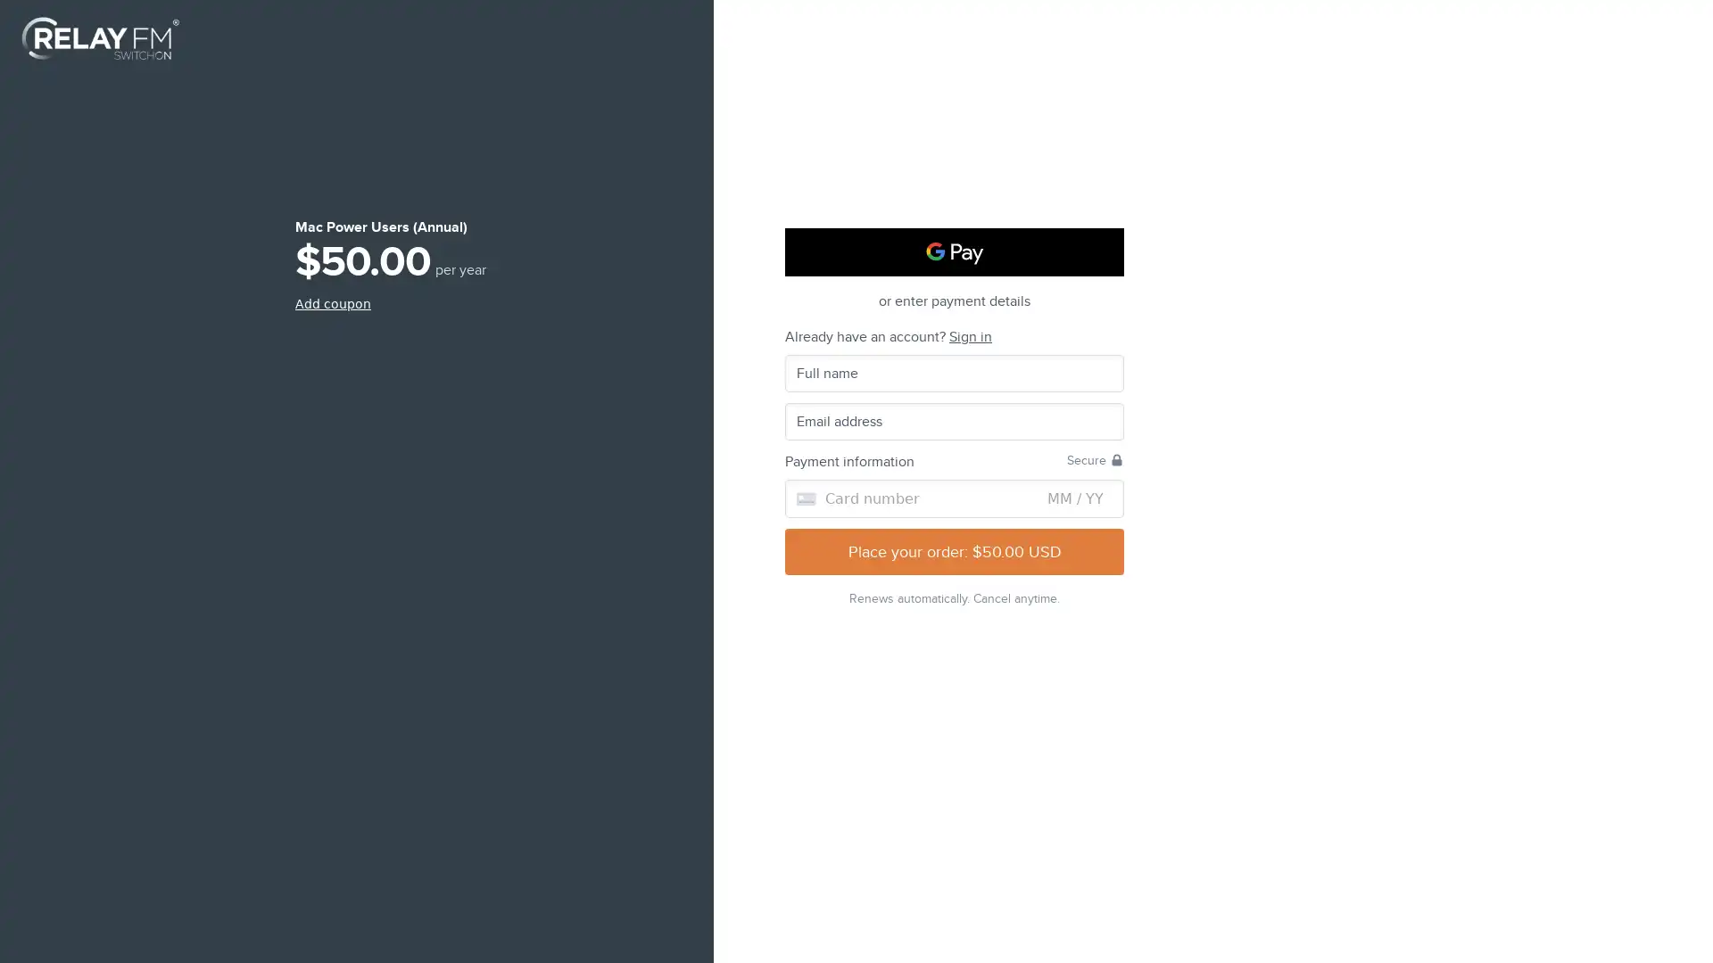 This screenshot has width=1713, height=963. I want to click on Add coupon, so click(333, 302).